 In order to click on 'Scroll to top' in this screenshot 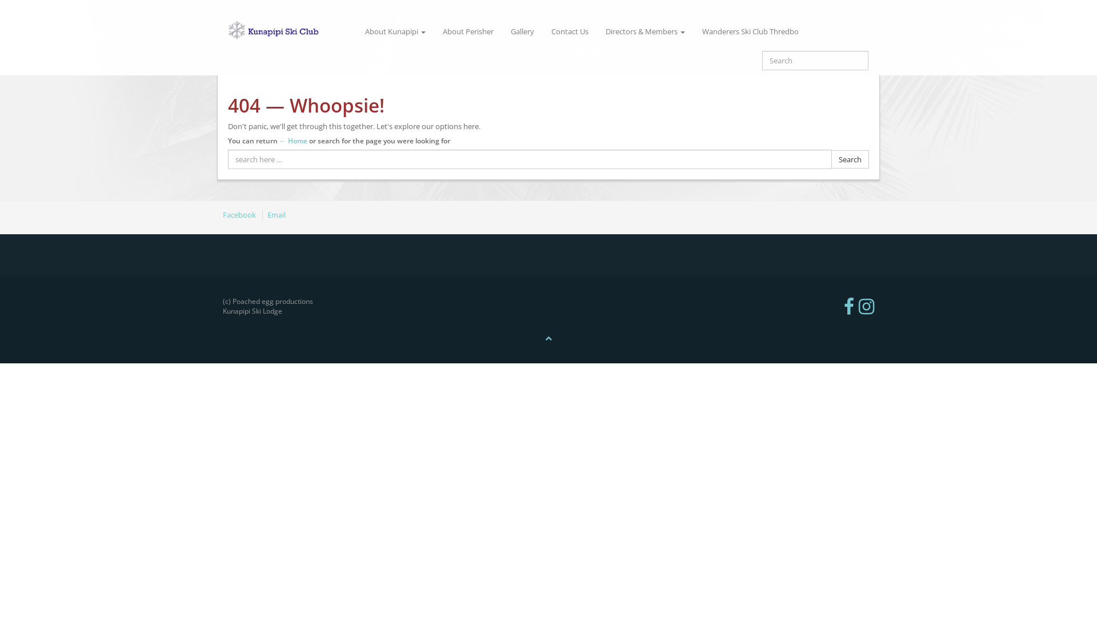, I will do `click(548, 337)`.